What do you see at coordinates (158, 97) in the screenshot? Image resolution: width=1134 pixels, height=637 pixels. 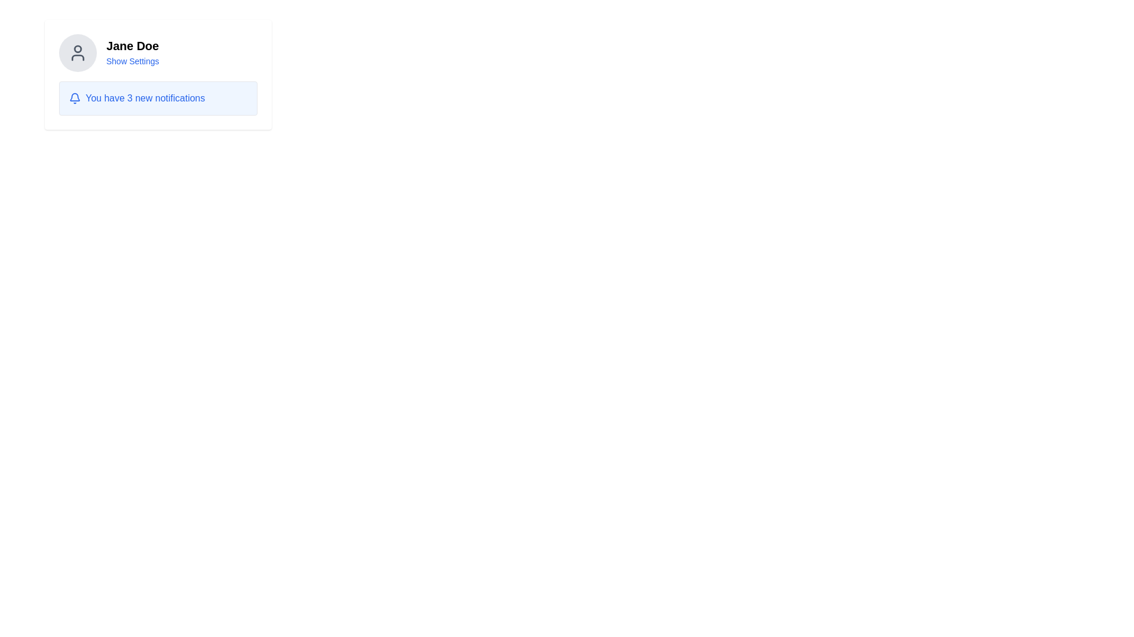 I see `the Information Display notification box that contains the blue notification bell icon and the message 'You have 3 new notifications'` at bounding box center [158, 97].